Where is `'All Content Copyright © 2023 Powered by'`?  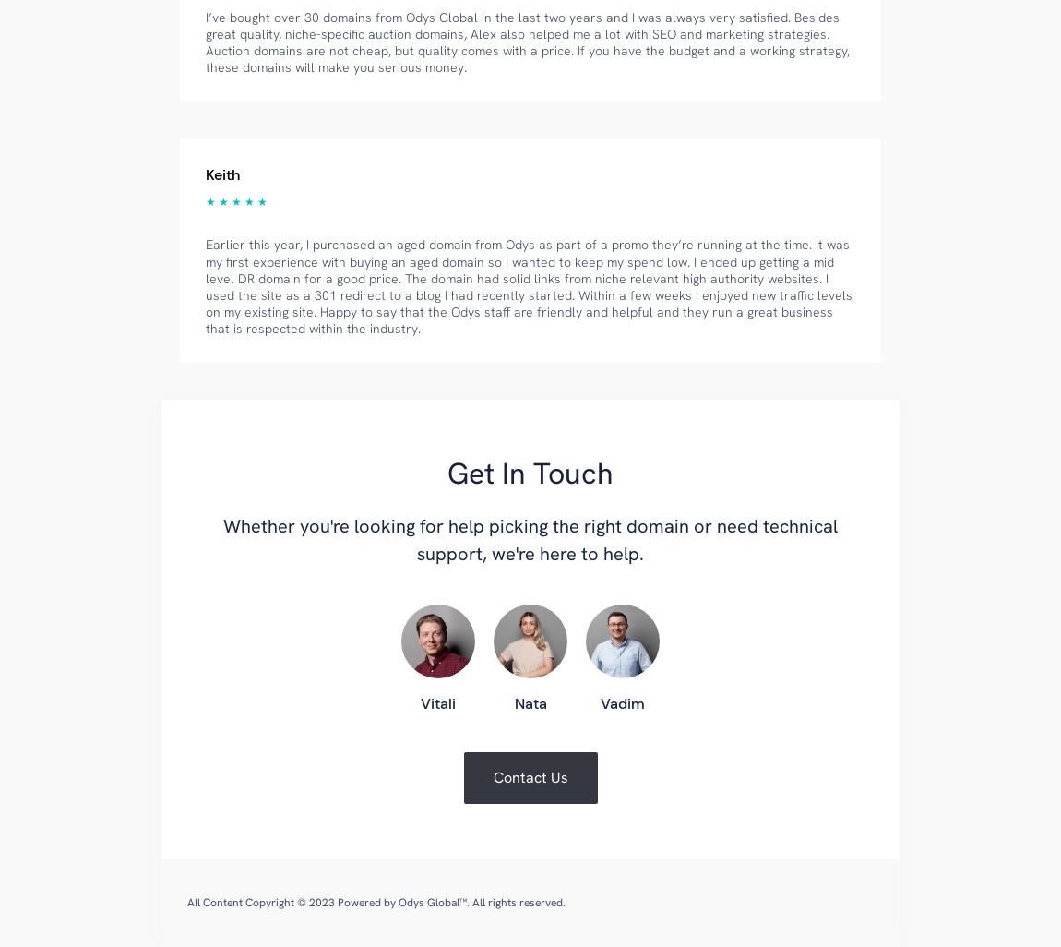 'All Content Copyright © 2023 Powered by' is located at coordinates (292, 901).